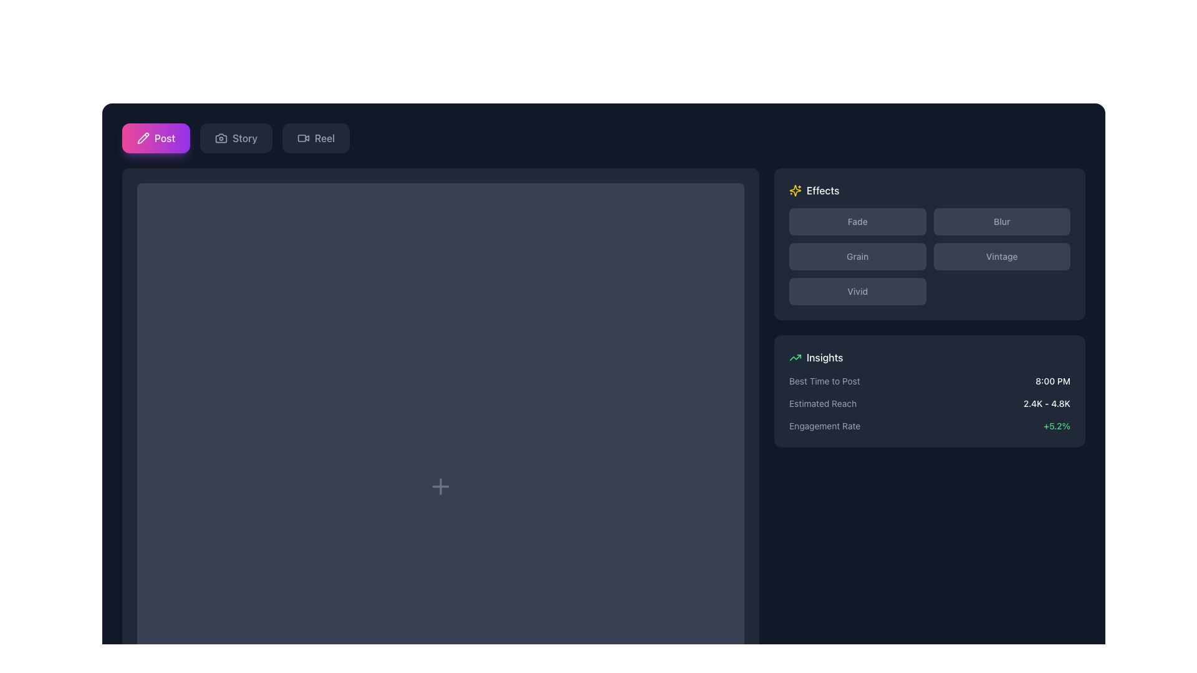 This screenshot has width=1197, height=673. What do you see at coordinates (857, 256) in the screenshot?
I see `the 'Grain' button located in the Effects section of the right panel` at bounding box center [857, 256].